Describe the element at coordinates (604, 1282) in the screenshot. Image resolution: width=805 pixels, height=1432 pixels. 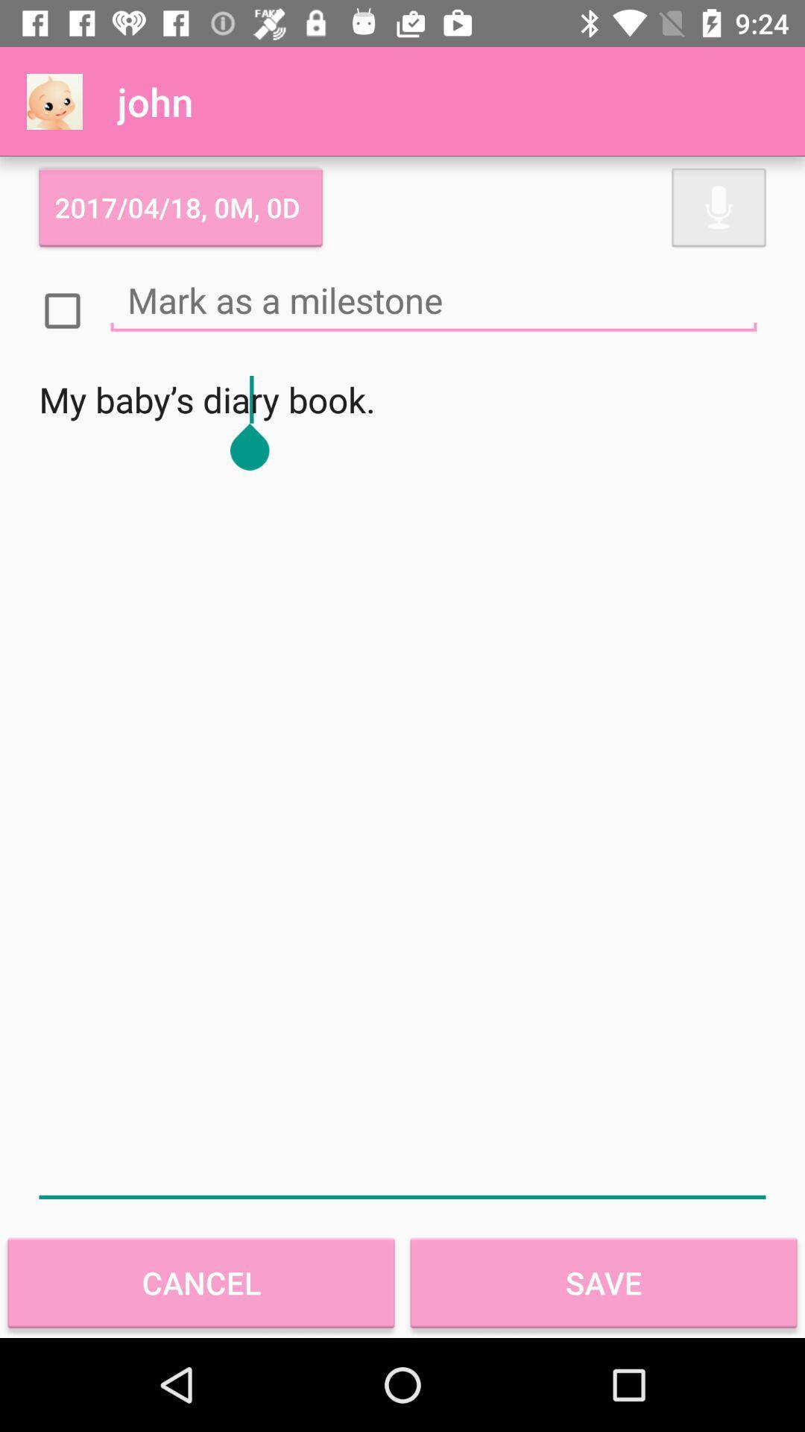
I see `the item below my baby s` at that location.